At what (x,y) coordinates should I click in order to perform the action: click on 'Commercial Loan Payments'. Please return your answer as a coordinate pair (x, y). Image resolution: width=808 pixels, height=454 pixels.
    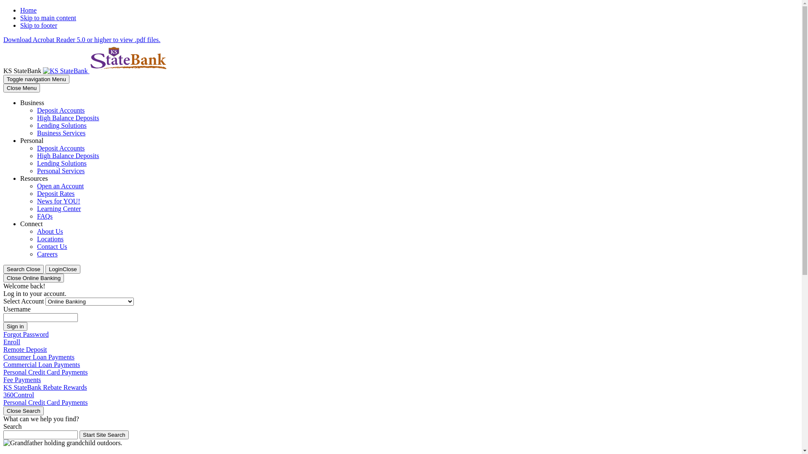
    Looking at the image, I should click on (41, 364).